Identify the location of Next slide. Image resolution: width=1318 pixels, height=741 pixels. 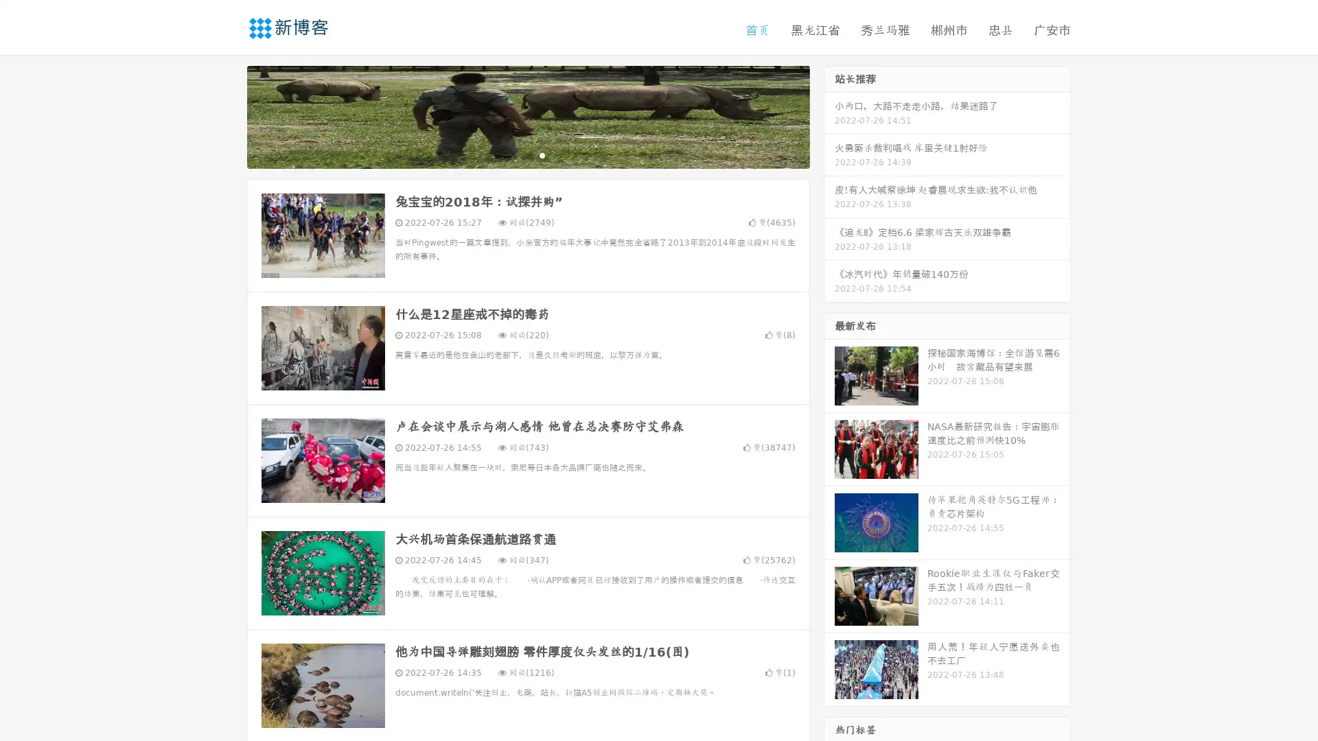
(829, 115).